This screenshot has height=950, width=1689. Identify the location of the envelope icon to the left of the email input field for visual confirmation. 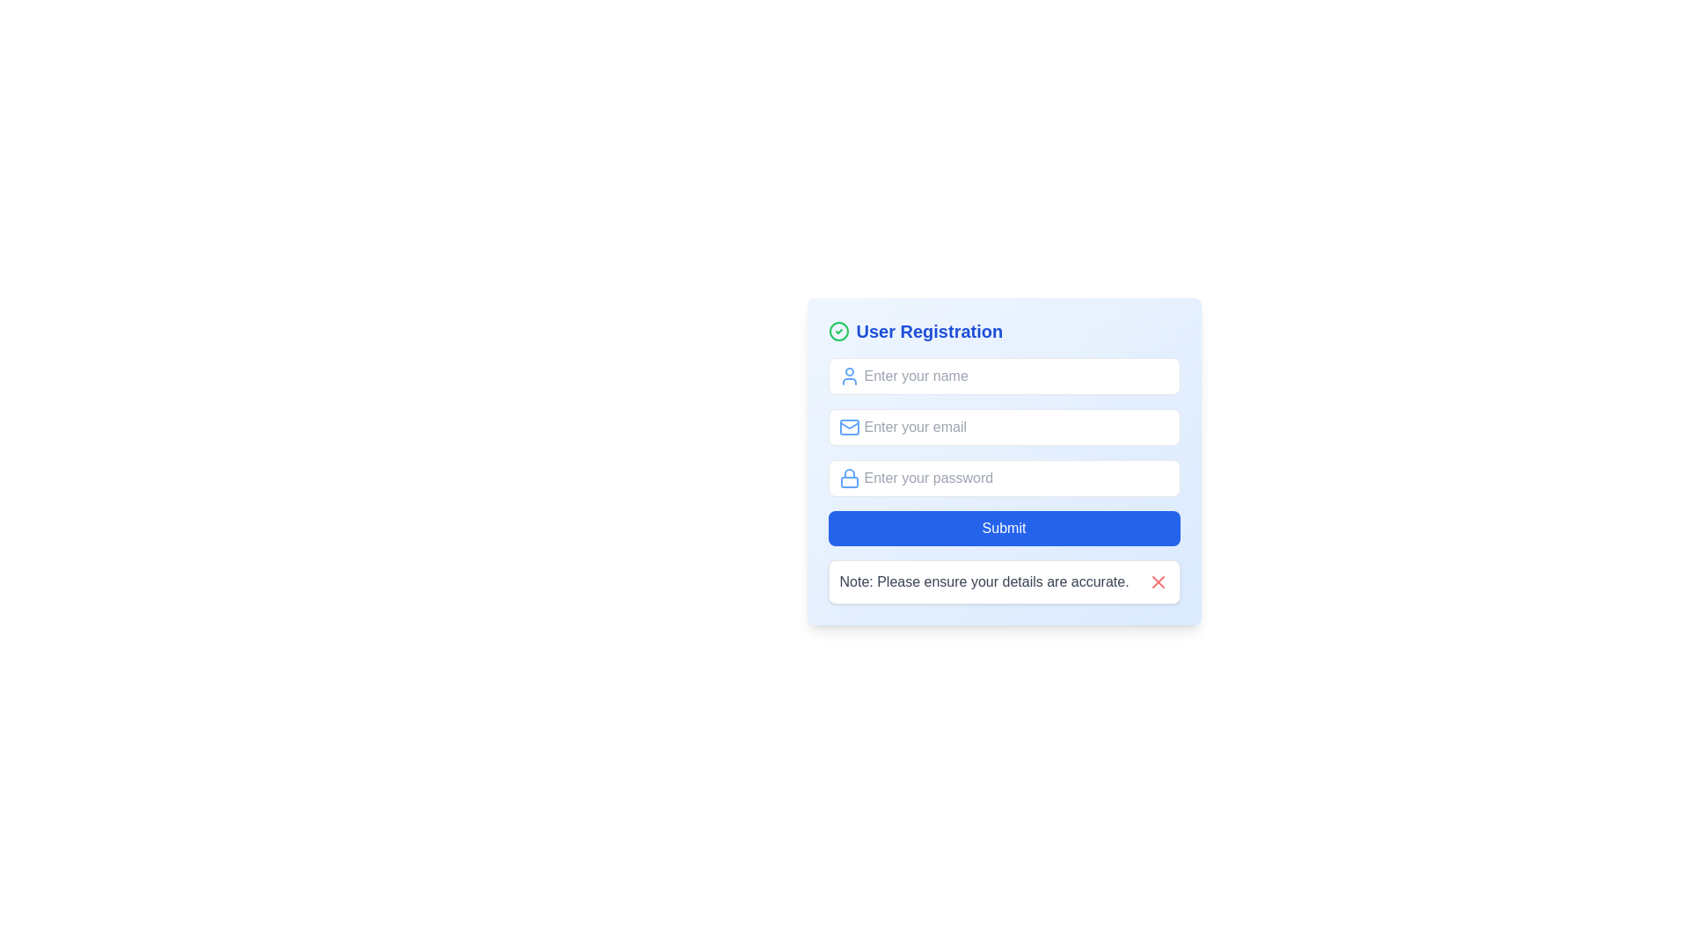
(849, 427).